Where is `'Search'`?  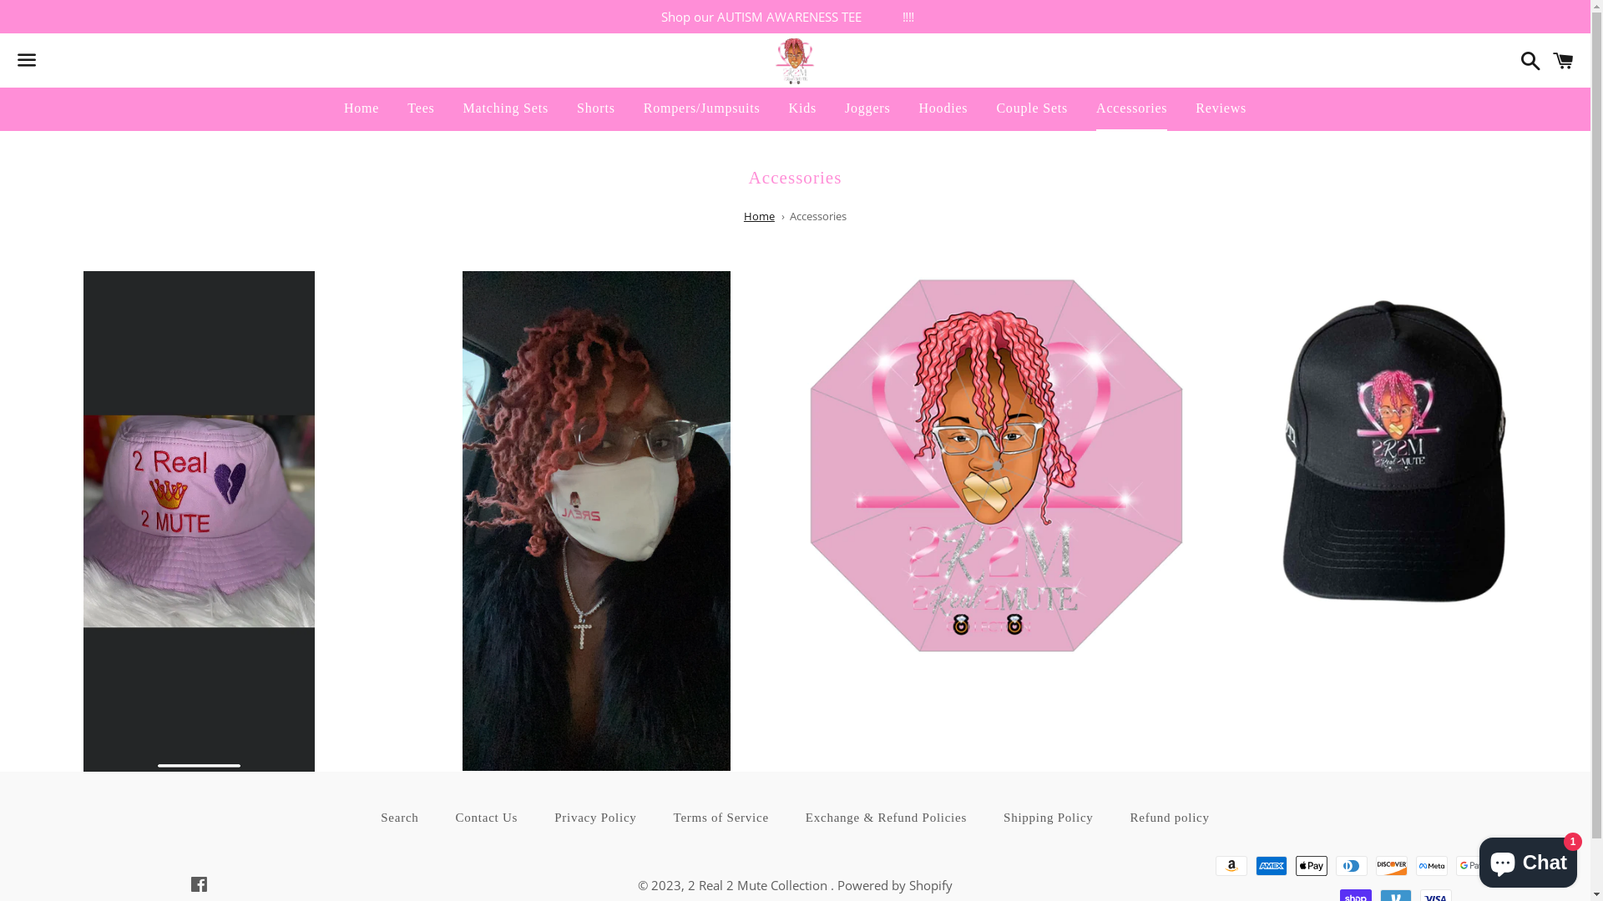
'Search' is located at coordinates (363, 817).